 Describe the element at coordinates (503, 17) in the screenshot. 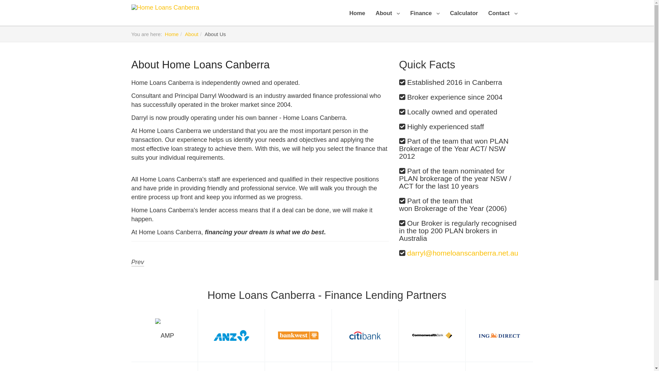

I see `'Contact'` at that location.